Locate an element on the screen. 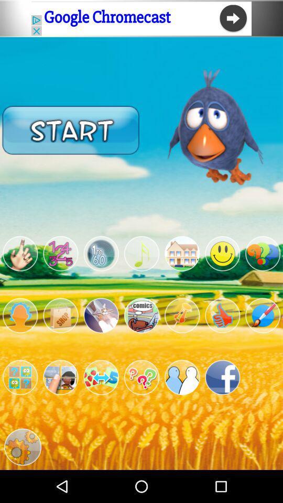  settings is located at coordinates (20, 377).